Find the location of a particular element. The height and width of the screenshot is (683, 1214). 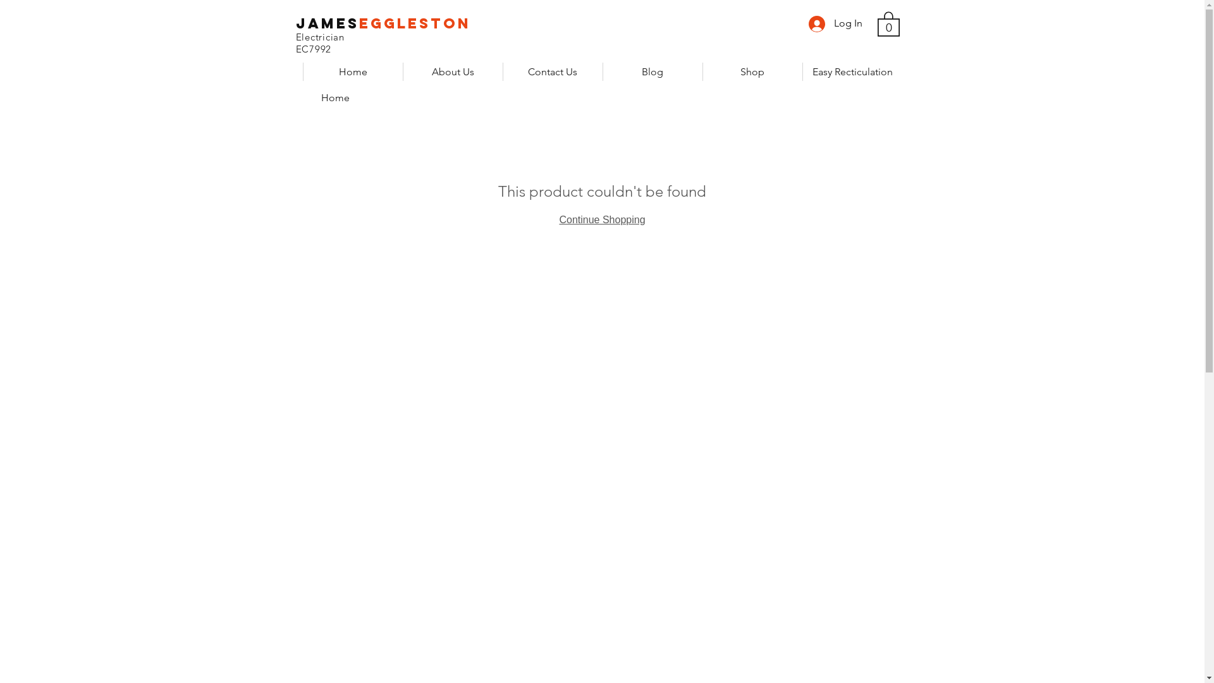

'JamesEggleston' is located at coordinates (383, 23).